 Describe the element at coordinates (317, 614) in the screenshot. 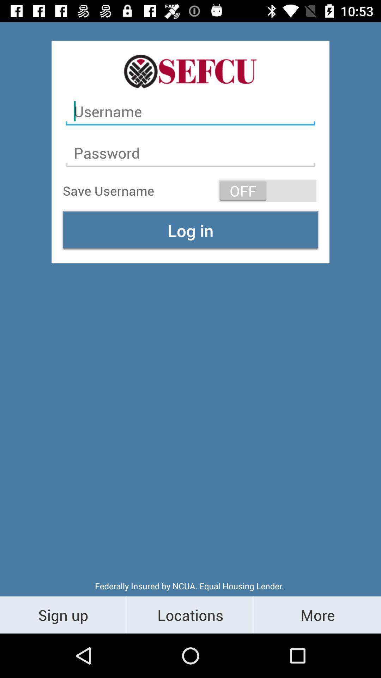

I see `the more` at that location.